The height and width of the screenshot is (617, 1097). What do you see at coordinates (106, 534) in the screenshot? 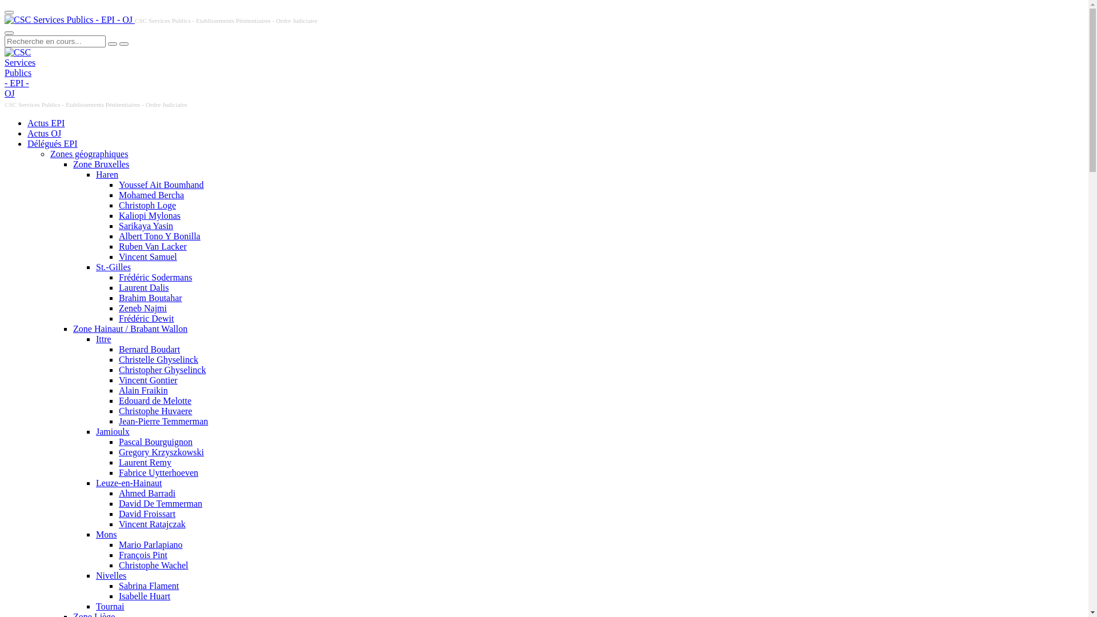
I see `'Mons'` at bounding box center [106, 534].